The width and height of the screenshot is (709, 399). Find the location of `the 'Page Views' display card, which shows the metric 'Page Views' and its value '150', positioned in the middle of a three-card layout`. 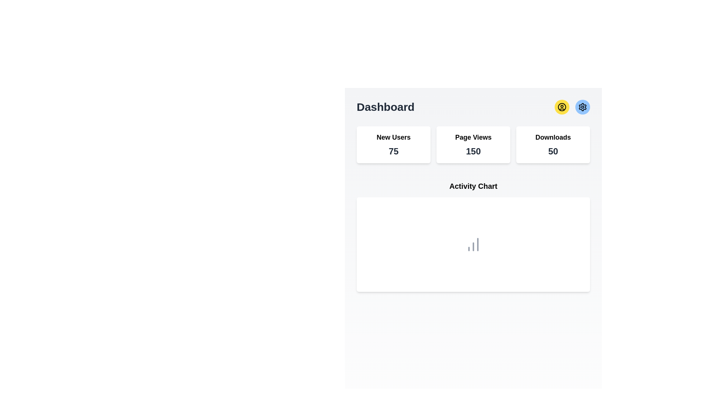

the 'Page Views' display card, which shows the metric 'Page Views' and its value '150', positioned in the middle of a three-card layout is located at coordinates (473, 145).